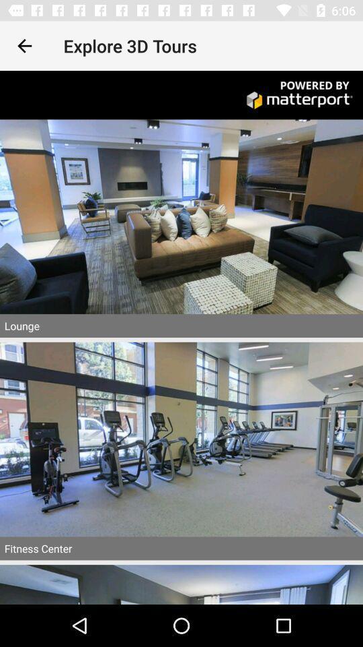  What do you see at coordinates (24, 46) in the screenshot?
I see `item at the top left corner` at bounding box center [24, 46].